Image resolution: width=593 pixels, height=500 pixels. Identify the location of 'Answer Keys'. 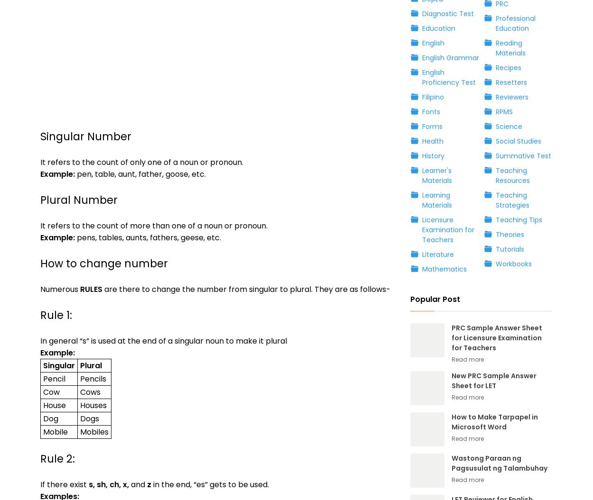
(106, 302).